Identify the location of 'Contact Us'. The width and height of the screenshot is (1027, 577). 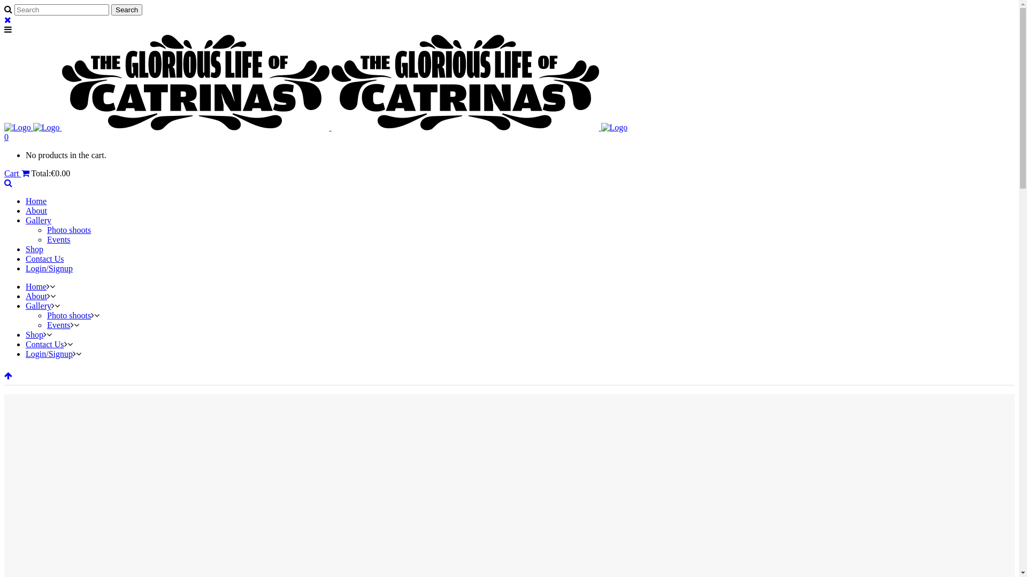
(44, 259).